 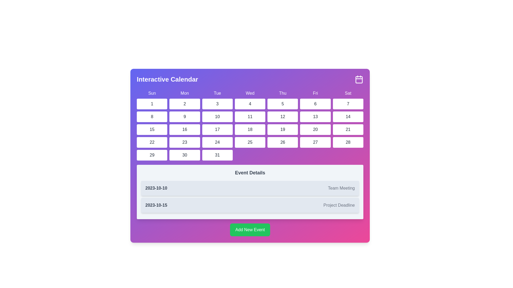 I want to click on the rectangular button labeled '18' in the calendar grid to change its background color to yellow, so click(x=250, y=130).